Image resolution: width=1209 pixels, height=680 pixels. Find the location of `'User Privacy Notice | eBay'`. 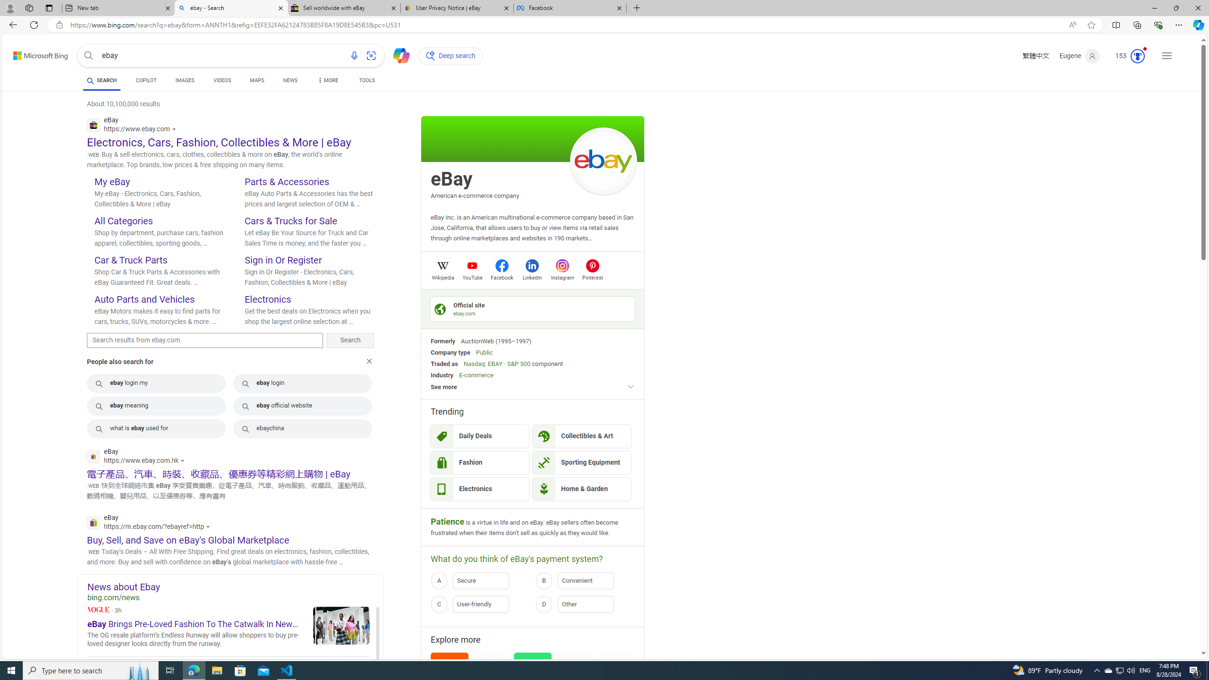

'User Privacy Notice | eBay' is located at coordinates (456, 8).